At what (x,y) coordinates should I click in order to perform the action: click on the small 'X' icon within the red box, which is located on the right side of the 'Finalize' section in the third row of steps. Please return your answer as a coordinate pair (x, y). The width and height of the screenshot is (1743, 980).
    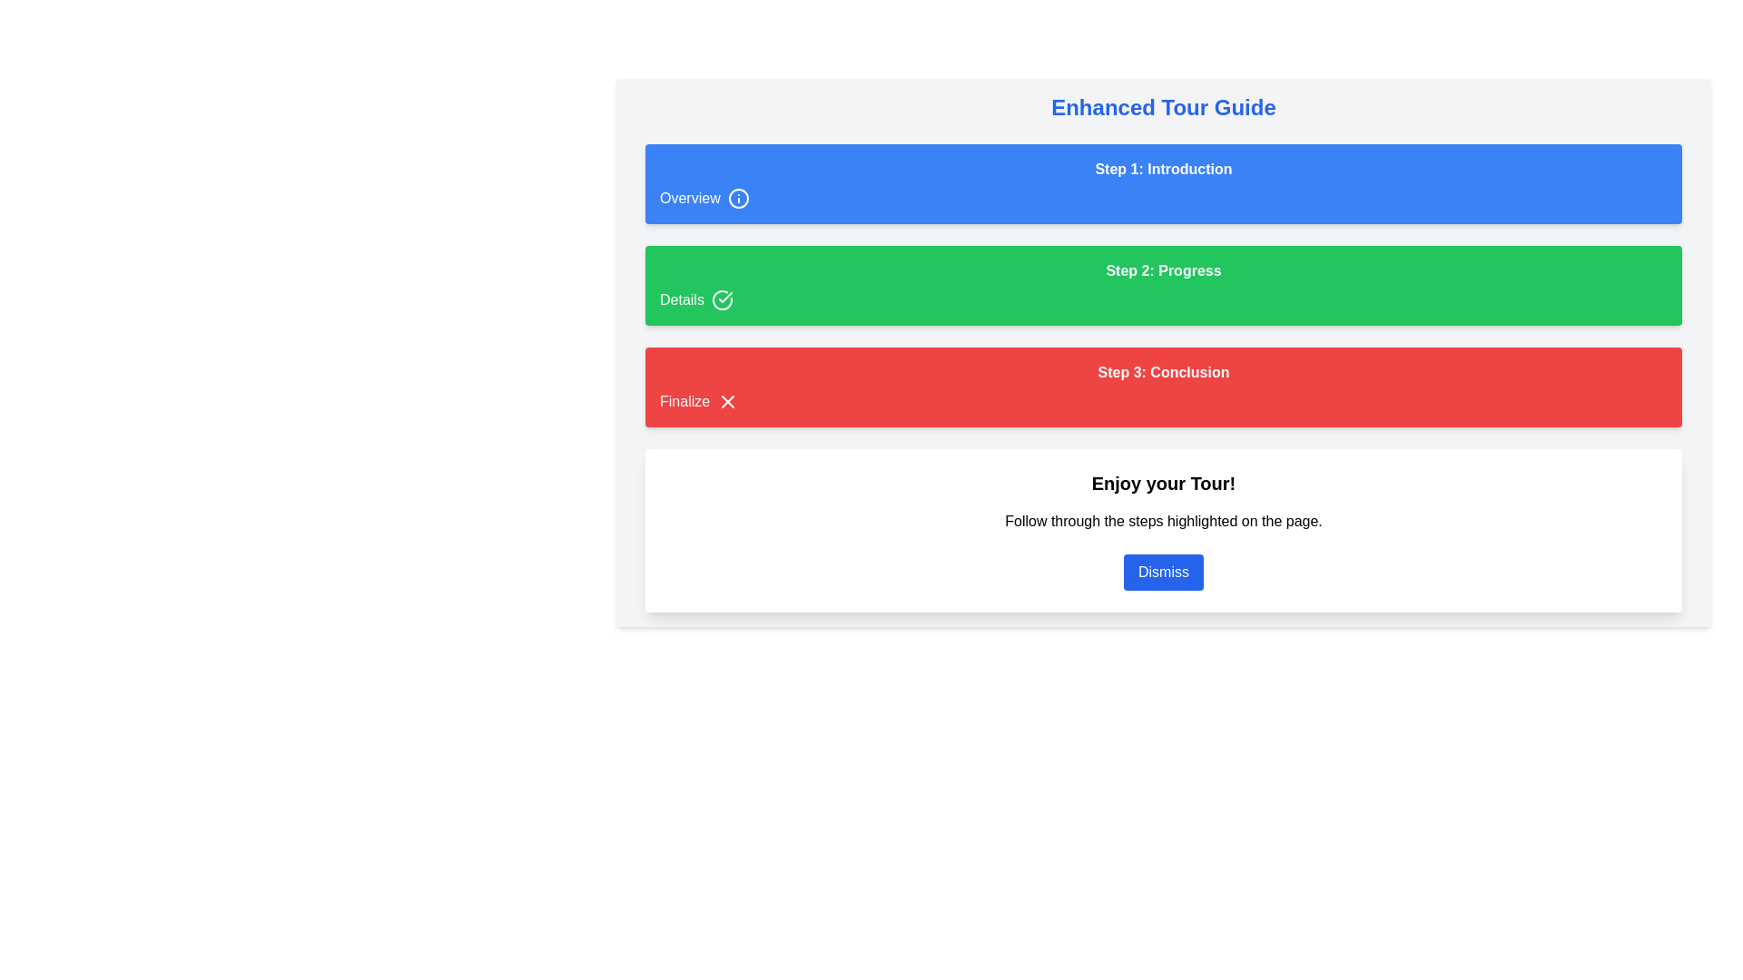
    Looking at the image, I should click on (728, 401).